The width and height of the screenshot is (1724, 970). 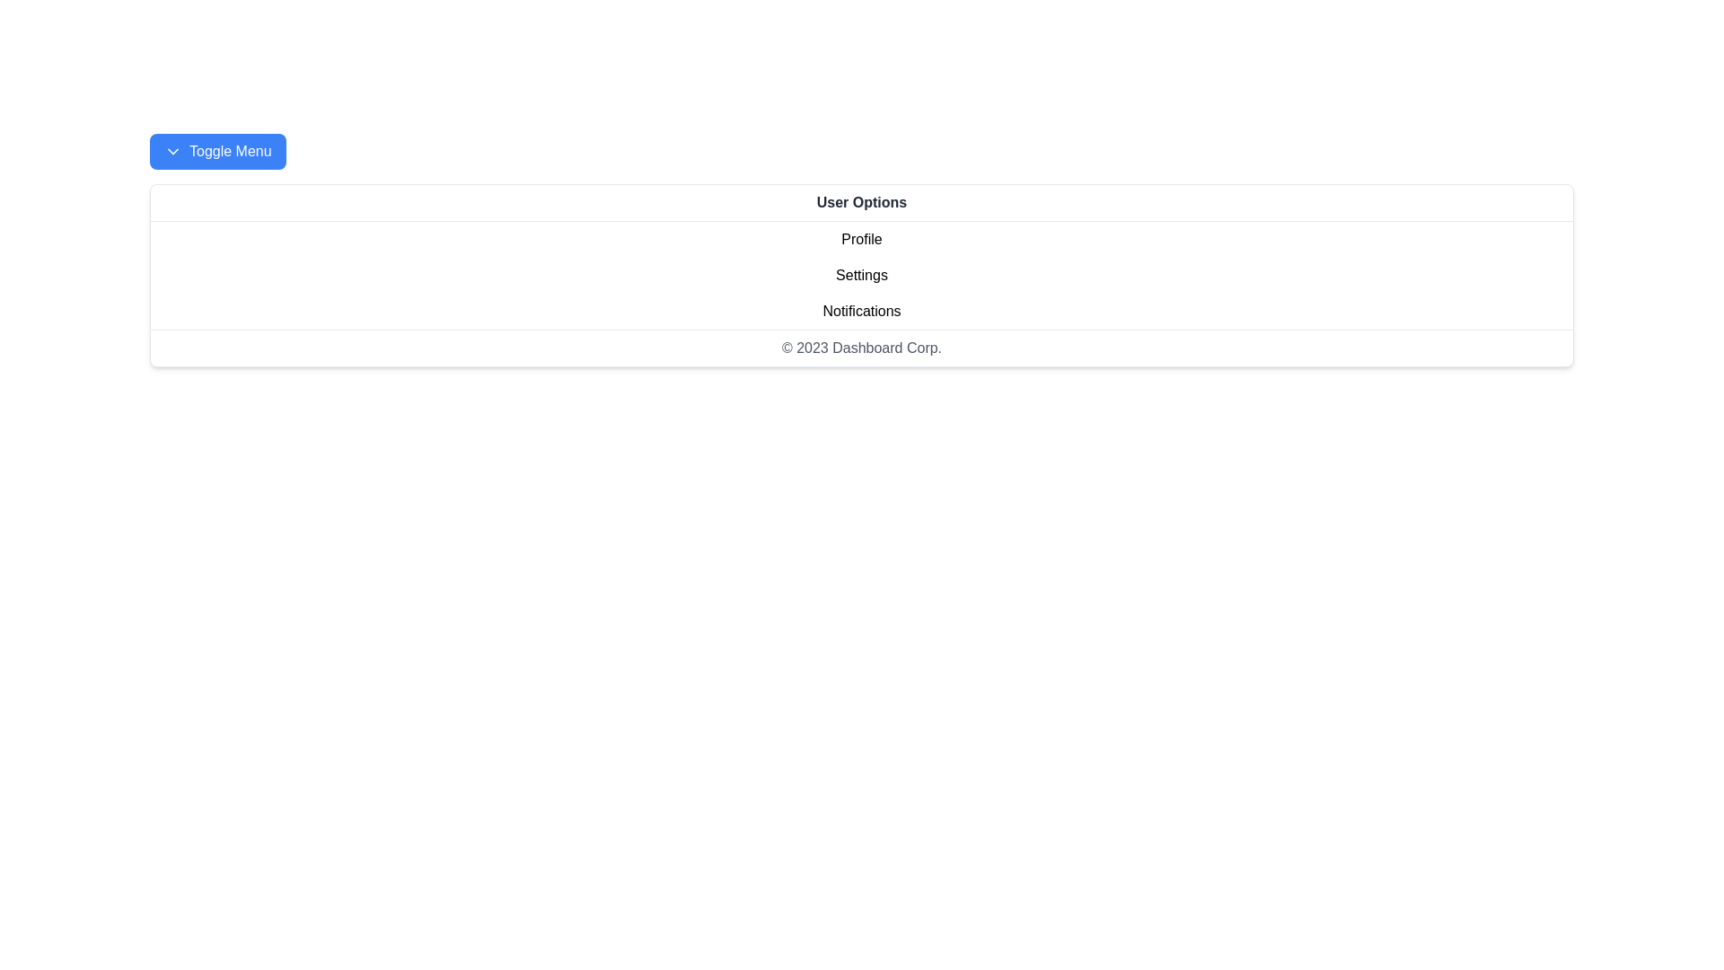 I want to click on the Settings from the User Options drawer, so click(x=862, y=276).